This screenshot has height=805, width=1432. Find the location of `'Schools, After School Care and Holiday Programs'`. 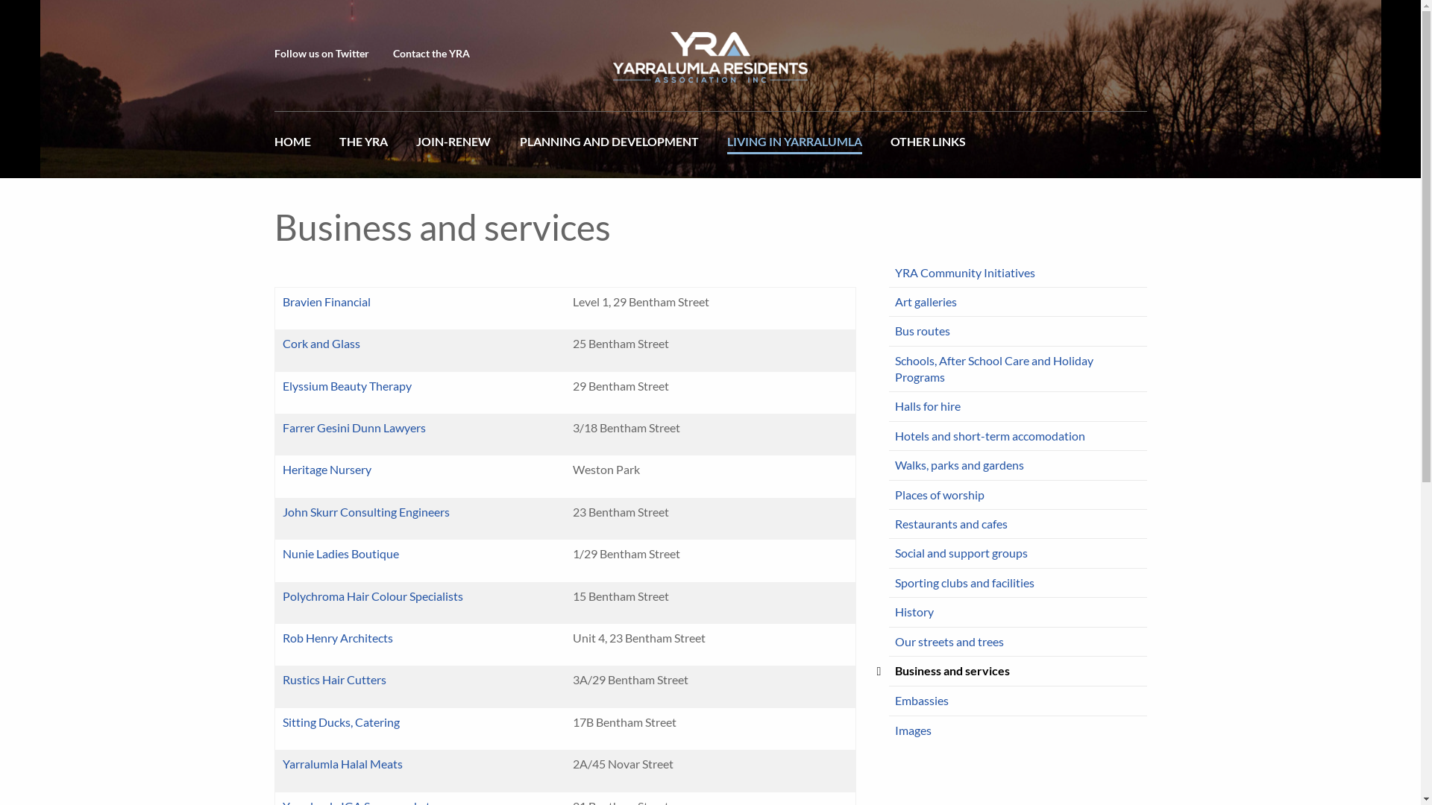

'Schools, After School Care and Holiday Programs' is located at coordinates (1017, 369).